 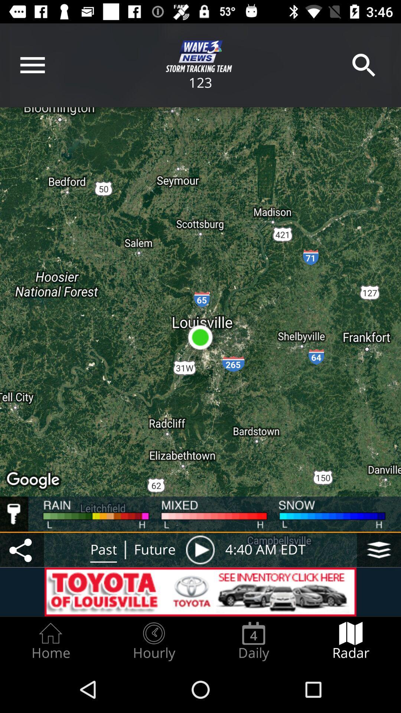 What do you see at coordinates (153, 641) in the screenshot?
I see `the hourly item` at bounding box center [153, 641].